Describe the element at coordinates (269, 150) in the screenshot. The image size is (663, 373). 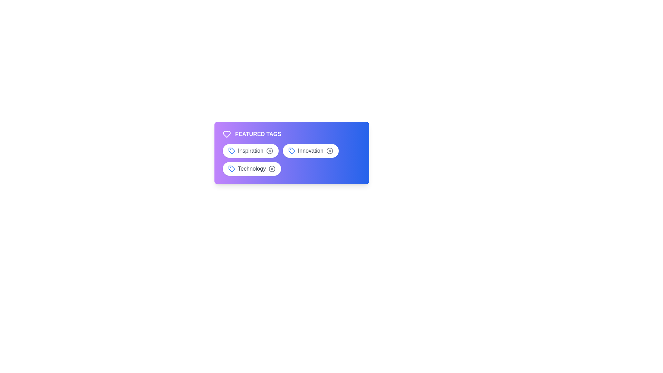
I see `the circular icon within the 'Inspiration' tag located in the list of tags inside the purple-to-blue gradient rectangle labeled 'Featured Tags.'` at that location.